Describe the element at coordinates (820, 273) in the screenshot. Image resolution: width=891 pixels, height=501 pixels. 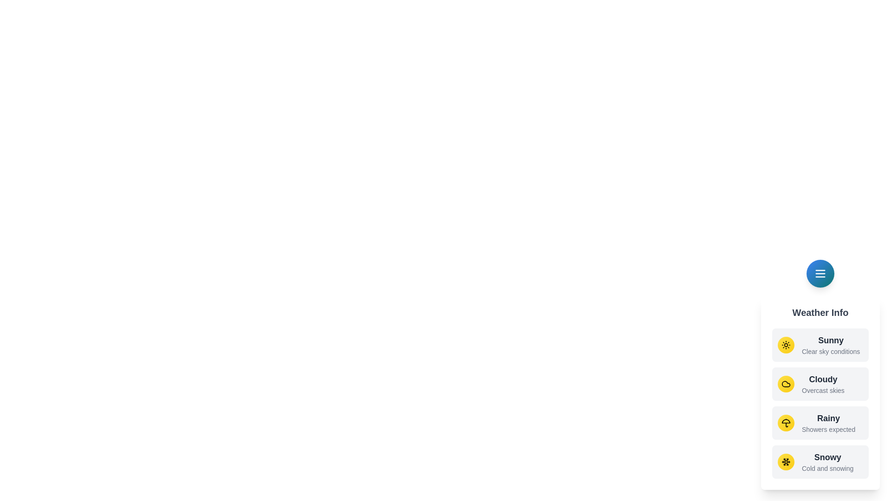
I see `menu button to toggle the menu open or closed` at that location.